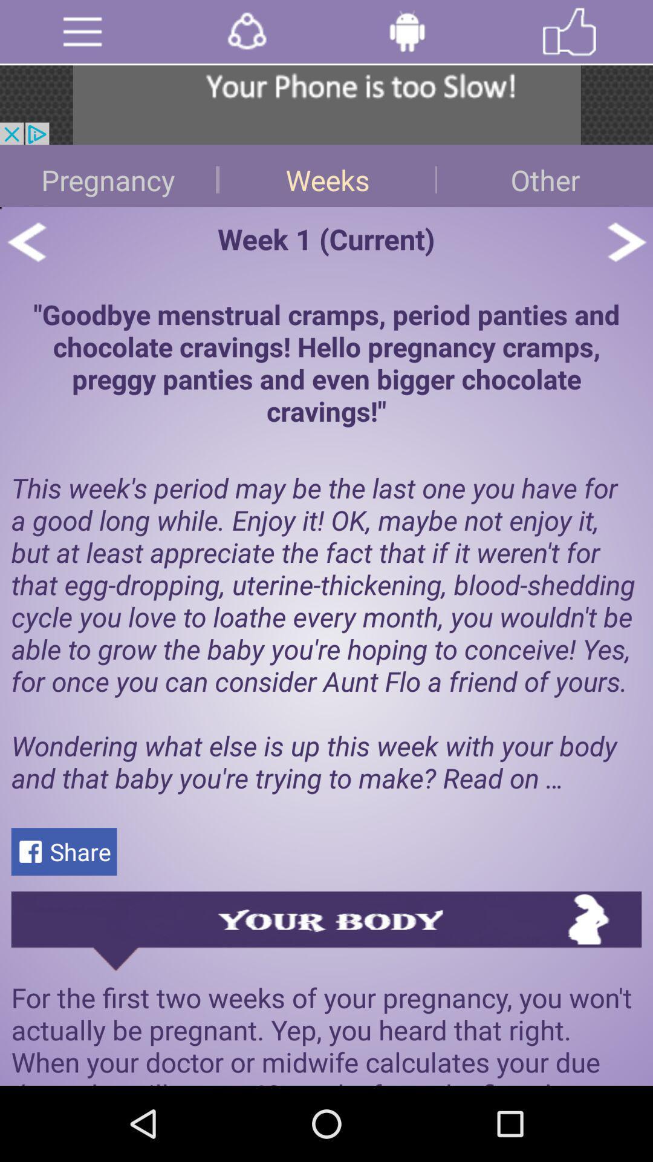 The image size is (653, 1162). What do you see at coordinates (326, 105) in the screenshot?
I see `advertisement` at bounding box center [326, 105].